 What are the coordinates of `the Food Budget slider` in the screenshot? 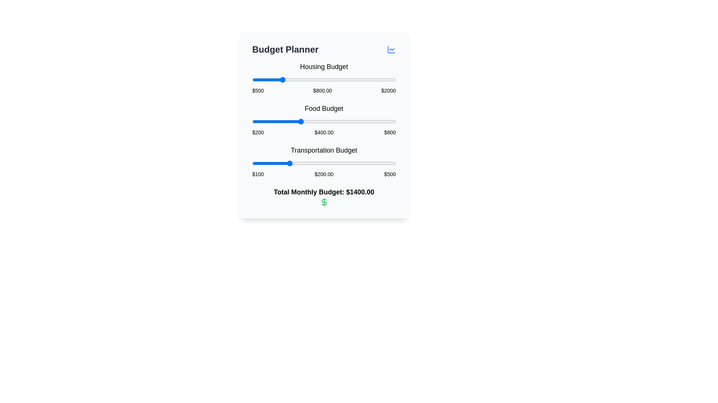 It's located at (264, 121).